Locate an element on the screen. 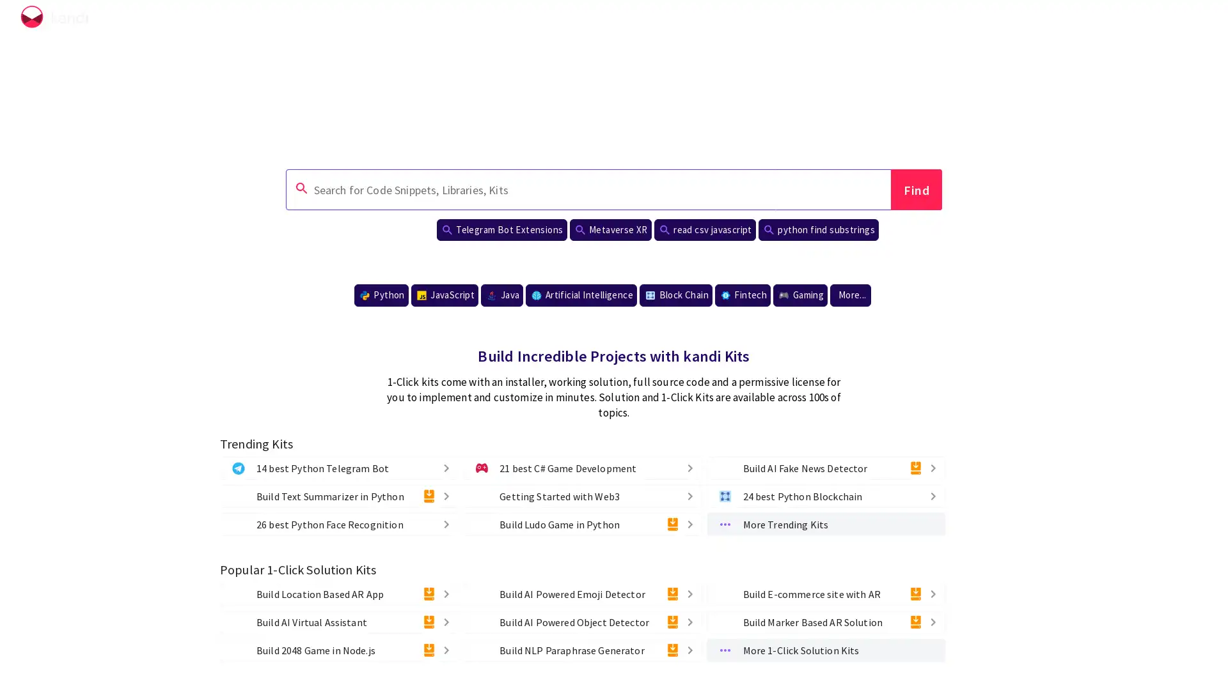  delete is located at coordinates (933, 620).